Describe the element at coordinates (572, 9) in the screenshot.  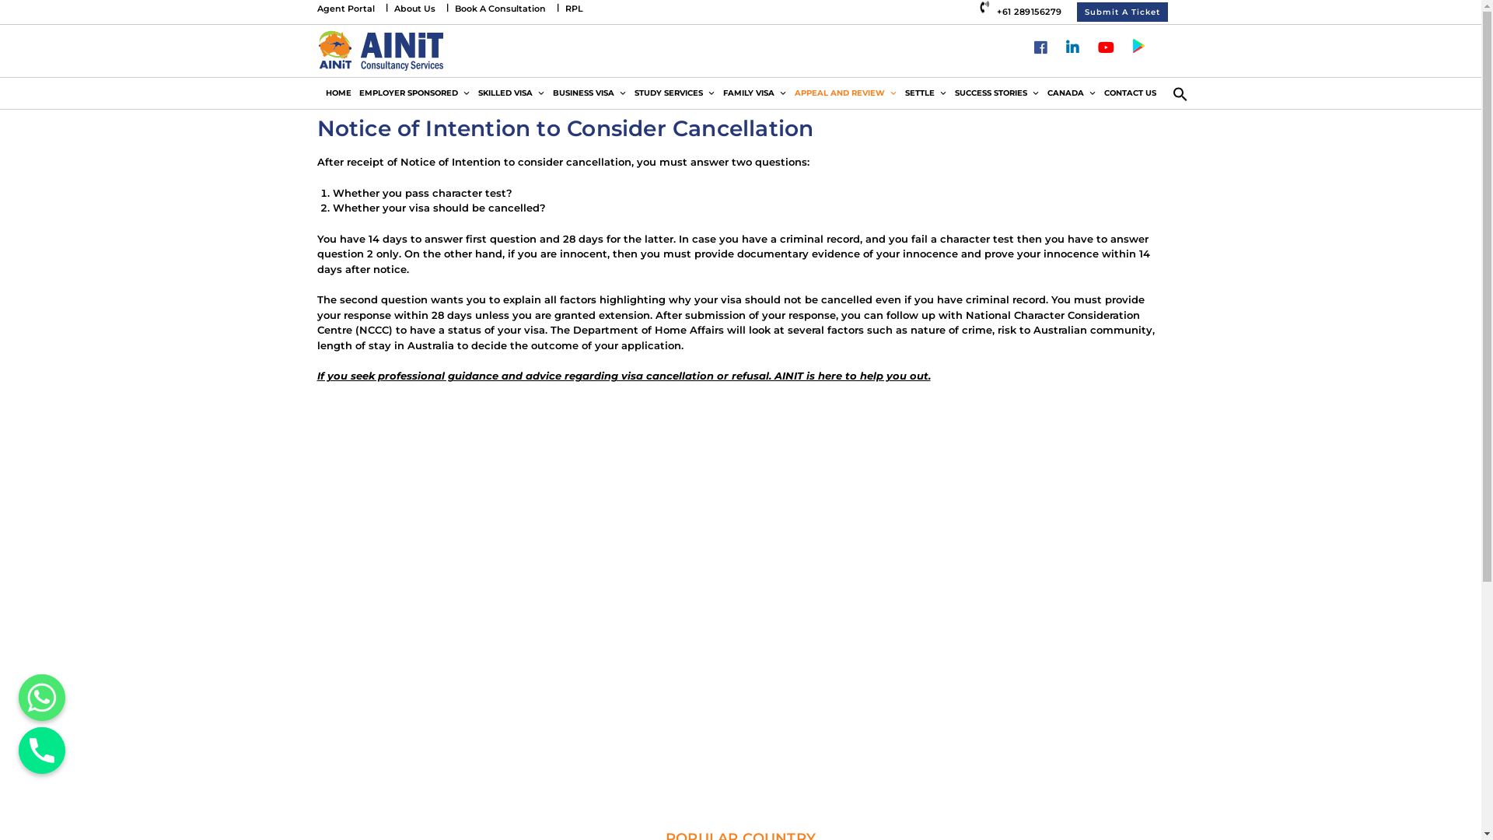
I see `'RPL'` at that location.